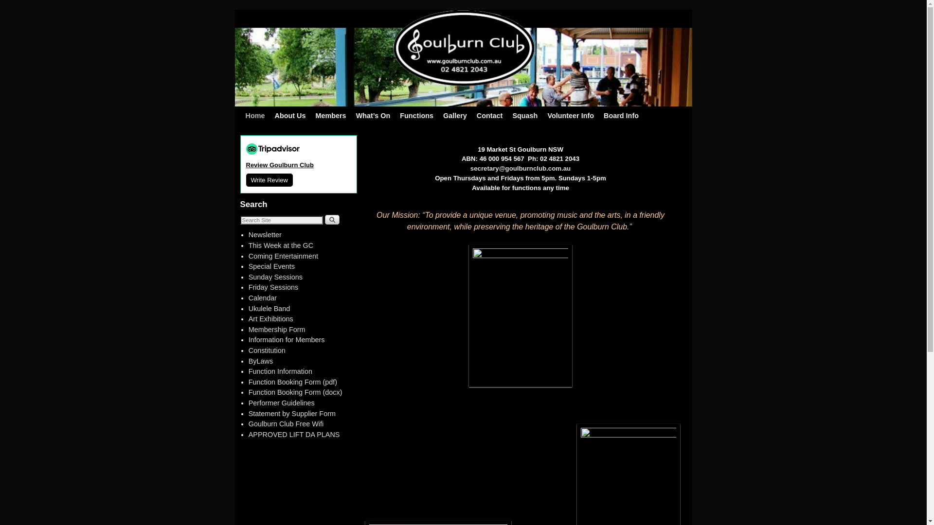 This screenshot has height=525, width=934. I want to click on 'Gallery', so click(438, 115).